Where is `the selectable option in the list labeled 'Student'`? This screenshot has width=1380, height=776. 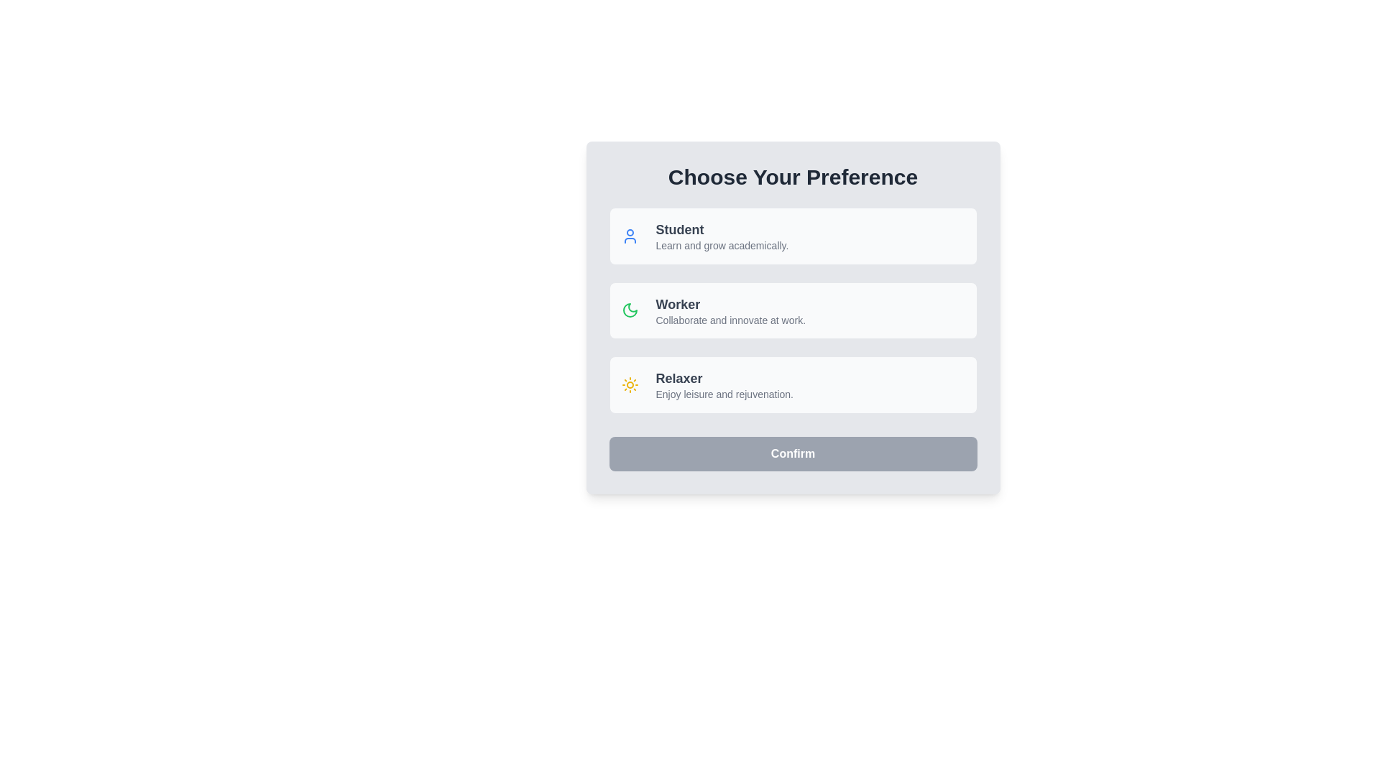
the selectable option in the list labeled 'Student' is located at coordinates (704, 235).